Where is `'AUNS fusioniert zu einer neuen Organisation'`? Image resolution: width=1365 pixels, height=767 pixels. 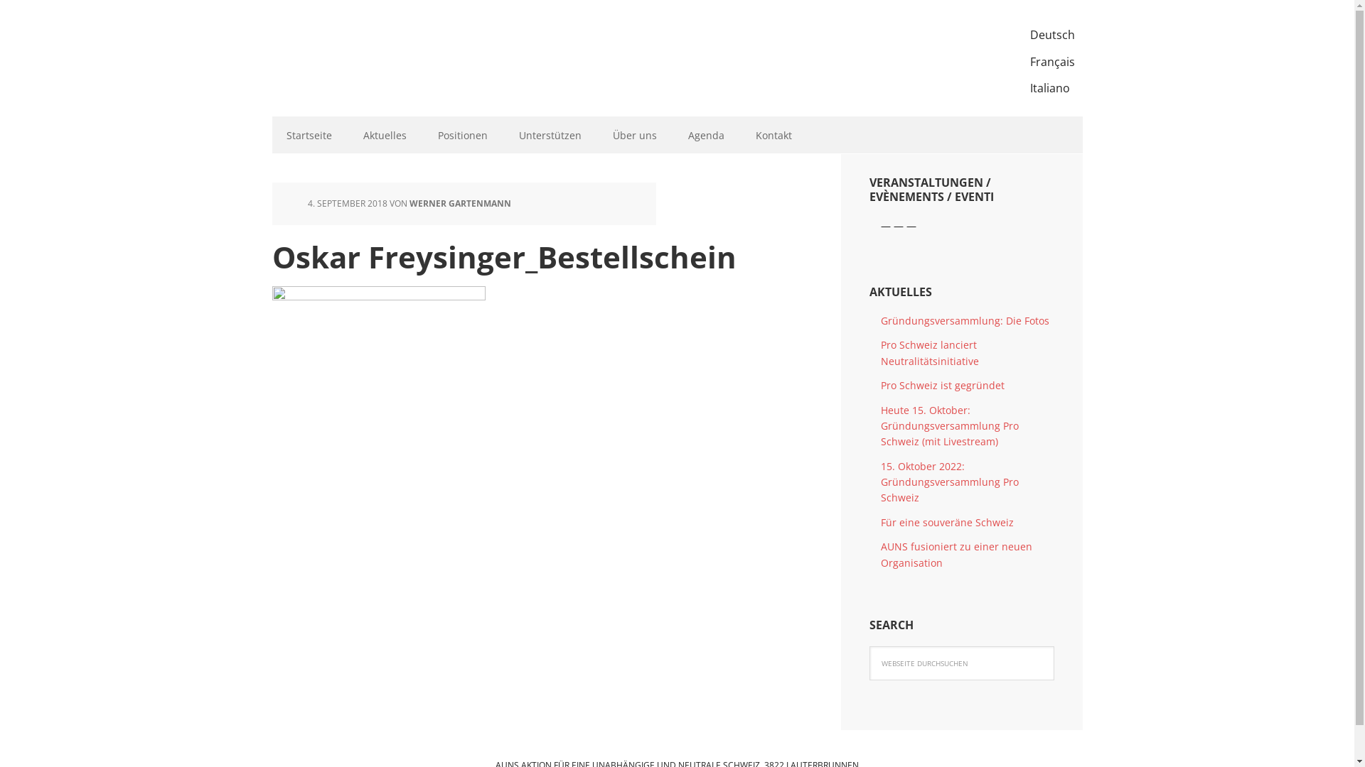
'AUNS fusioniert zu einer neuen Organisation' is located at coordinates (955, 553).